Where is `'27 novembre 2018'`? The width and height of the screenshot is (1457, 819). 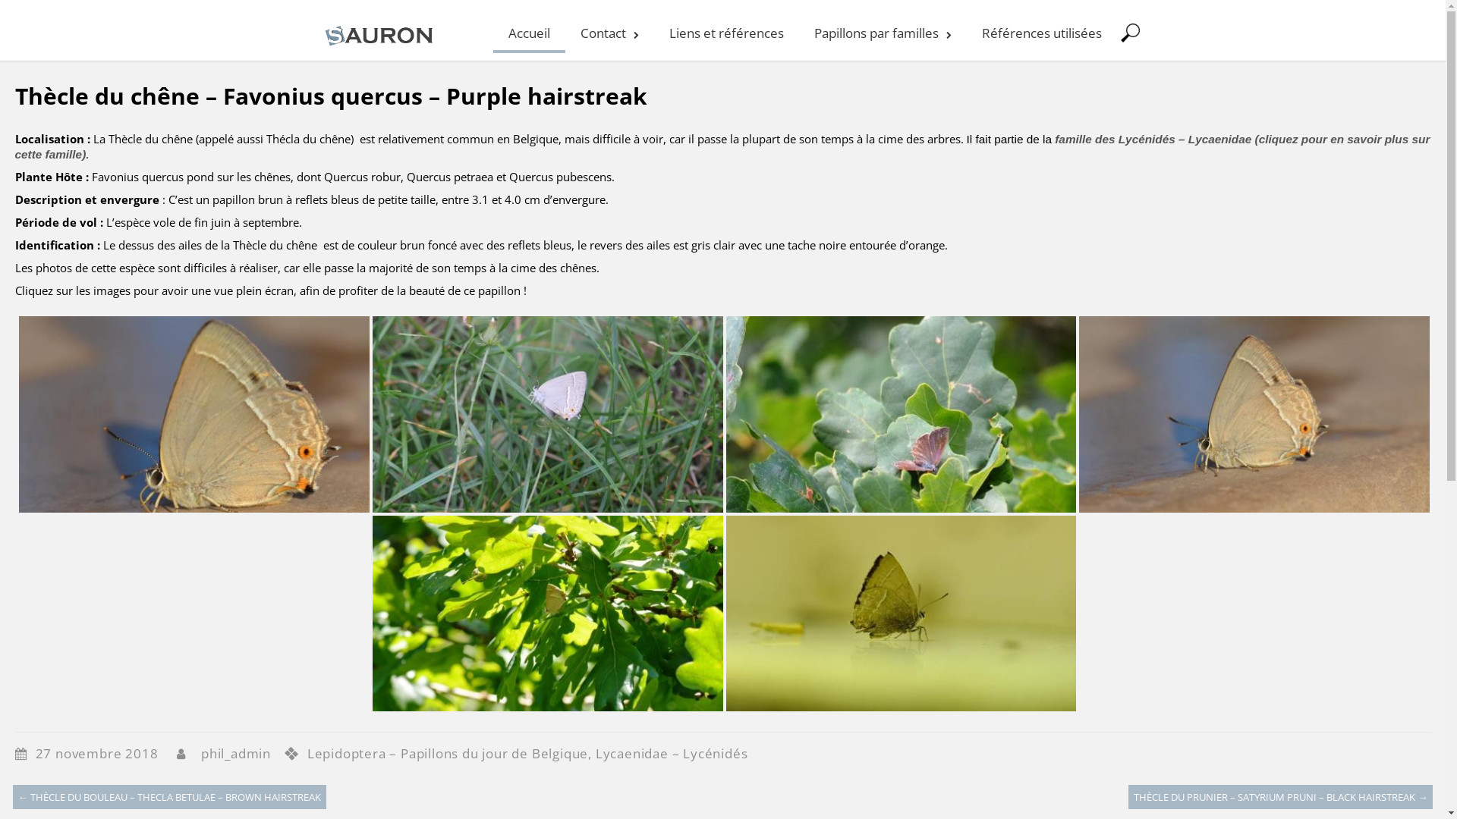
'27 novembre 2018' is located at coordinates (104, 753).